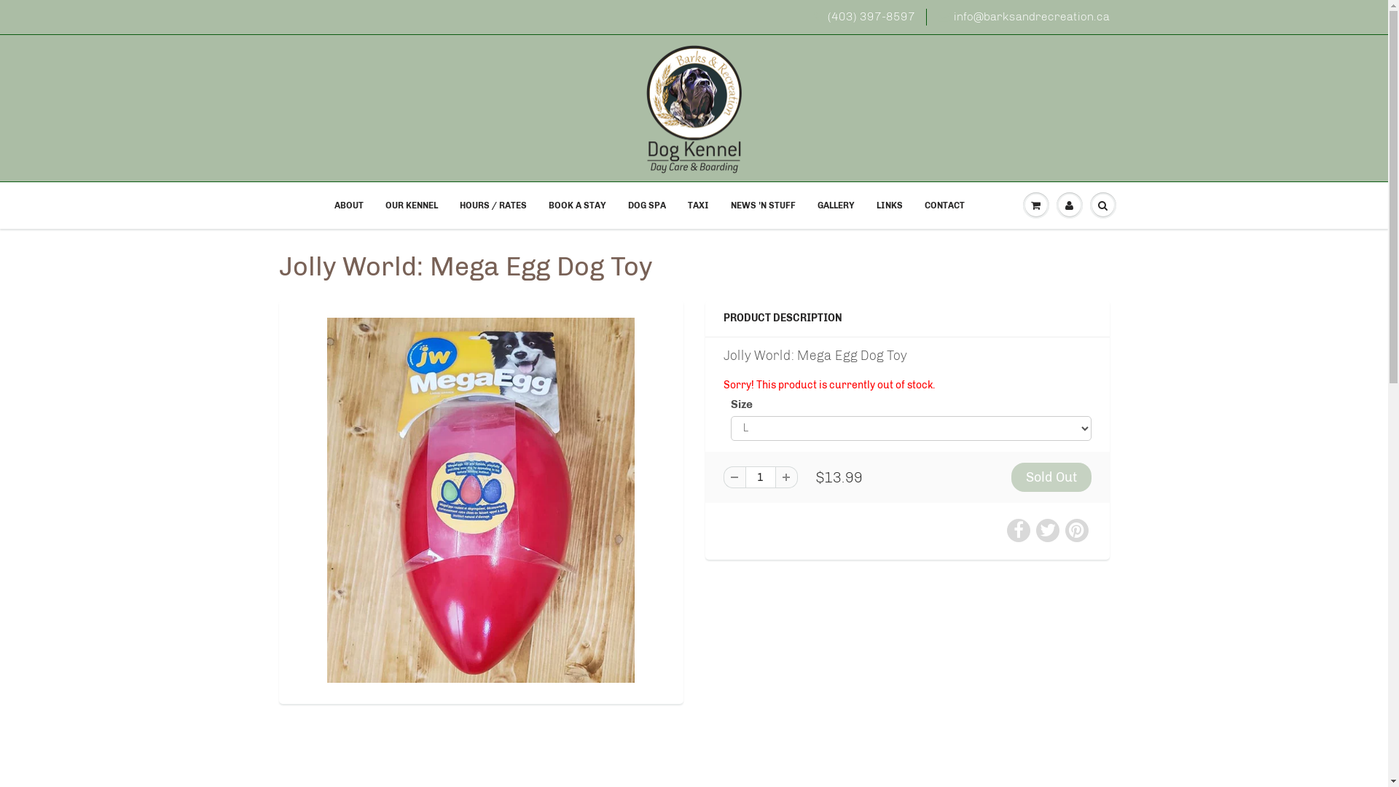 The image size is (1399, 787). What do you see at coordinates (646, 205) in the screenshot?
I see `'DOG SPA'` at bounding box center [646, 205].